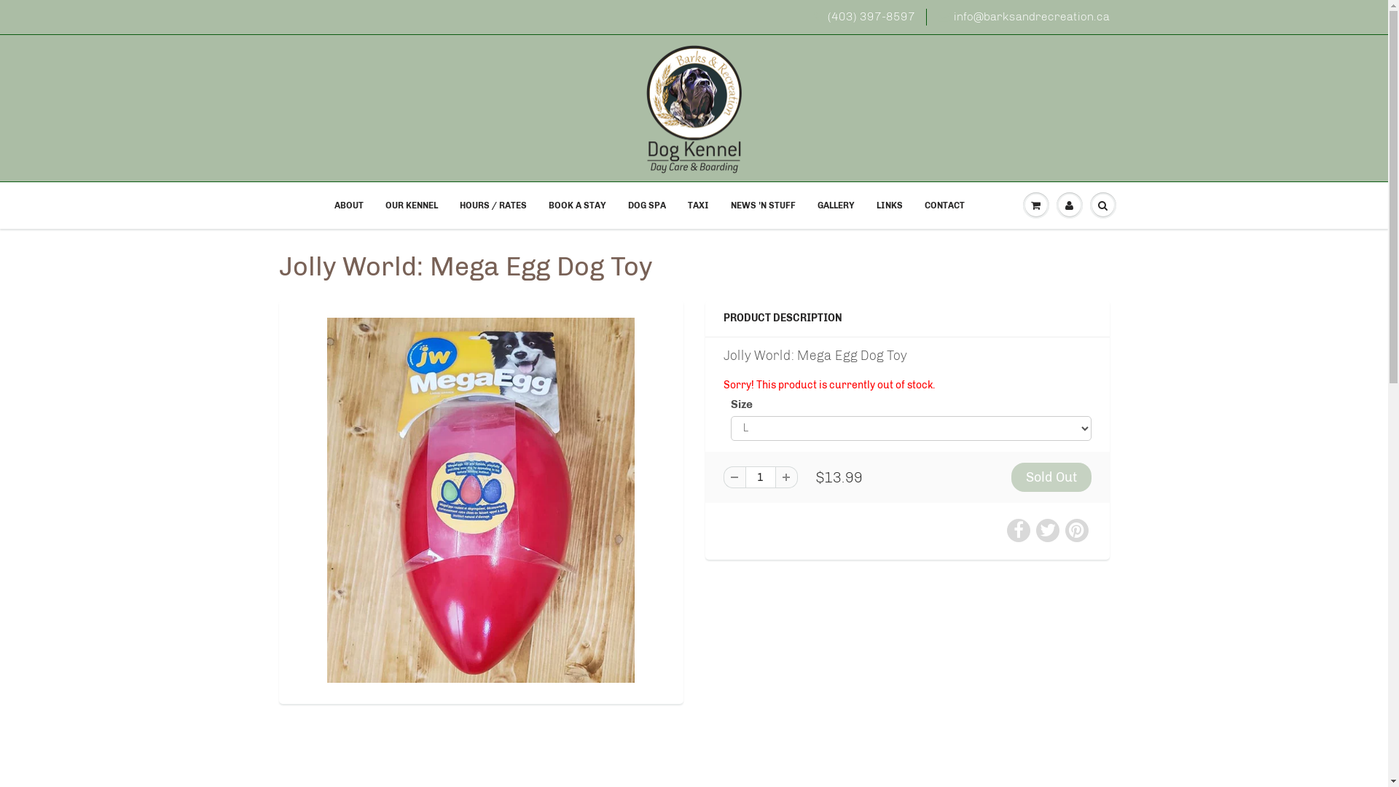 The image size is (1399, 787). What do you see at coordinates (646, 205) in the screenshot?
I see `'DOG SPA'` at bounding box center [646, 205].